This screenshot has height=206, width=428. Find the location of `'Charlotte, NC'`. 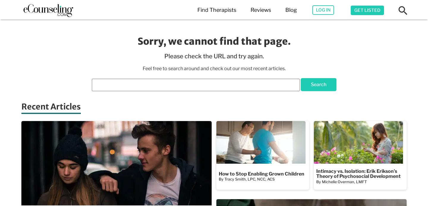

'Charlotte, NC' is located at coordinates (144, 54).